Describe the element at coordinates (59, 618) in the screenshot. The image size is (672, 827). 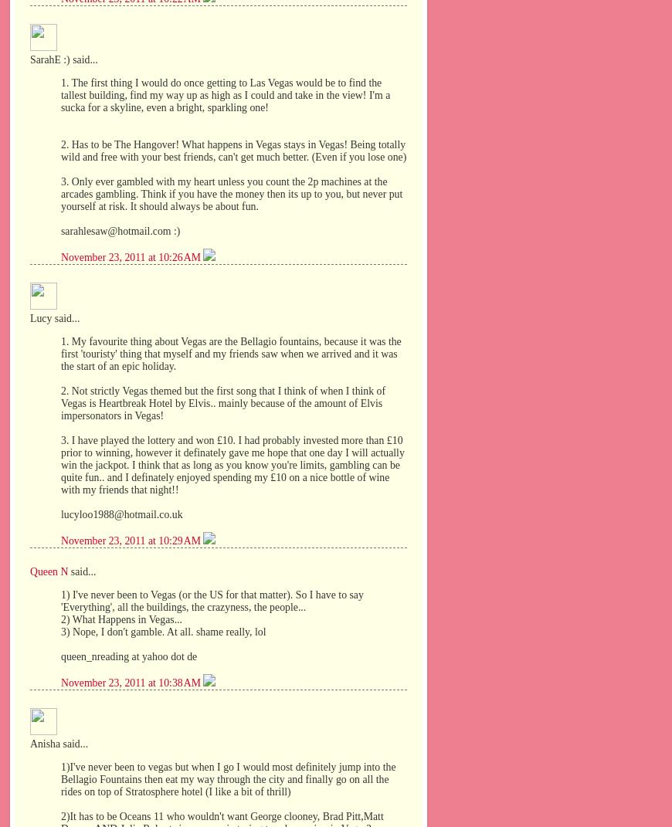
I see `'2) What Happens in Vegas...'` at that location.